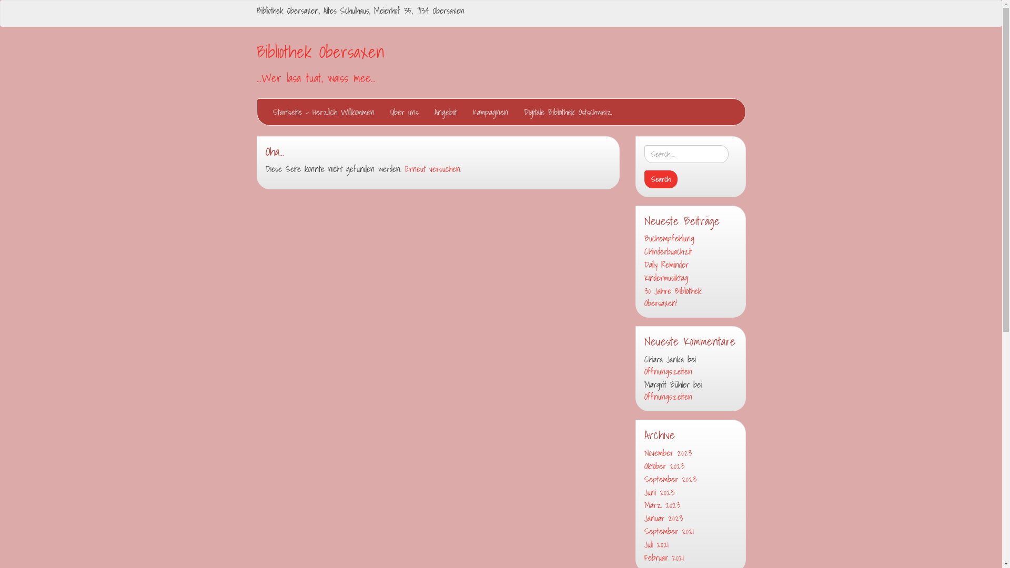 This screenshot has height=568, width=1010. I want to click on 'September 2021', so click(690, 531).